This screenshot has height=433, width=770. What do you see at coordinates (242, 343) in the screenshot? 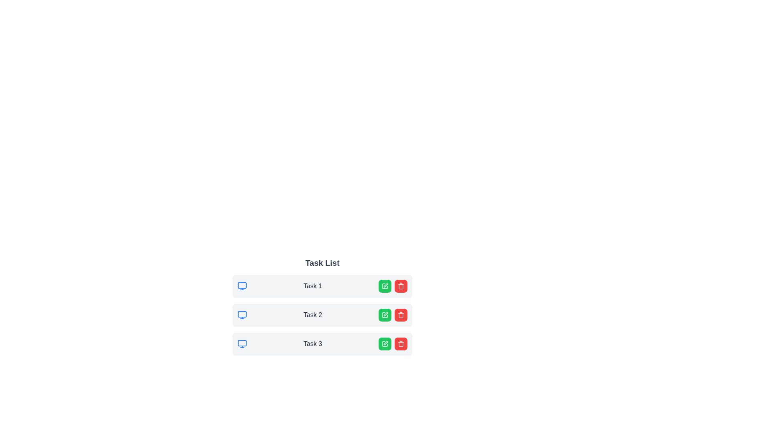
I see `the SVG Rectangular Element styled as part of a computer monitor icon in the task list corresponding to Task 3` at bounding box center [242, 343].